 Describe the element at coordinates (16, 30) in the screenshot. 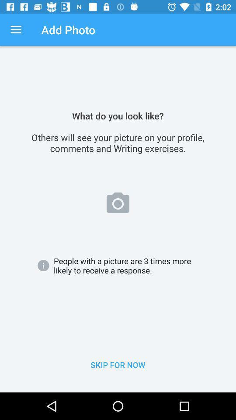

I see `icon above the others will see` at that location.